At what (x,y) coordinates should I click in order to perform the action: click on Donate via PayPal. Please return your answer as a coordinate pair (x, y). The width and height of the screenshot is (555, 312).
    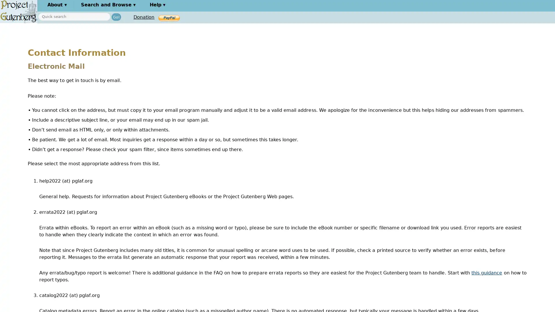
    Looking at the image, I should click on (169, 17).